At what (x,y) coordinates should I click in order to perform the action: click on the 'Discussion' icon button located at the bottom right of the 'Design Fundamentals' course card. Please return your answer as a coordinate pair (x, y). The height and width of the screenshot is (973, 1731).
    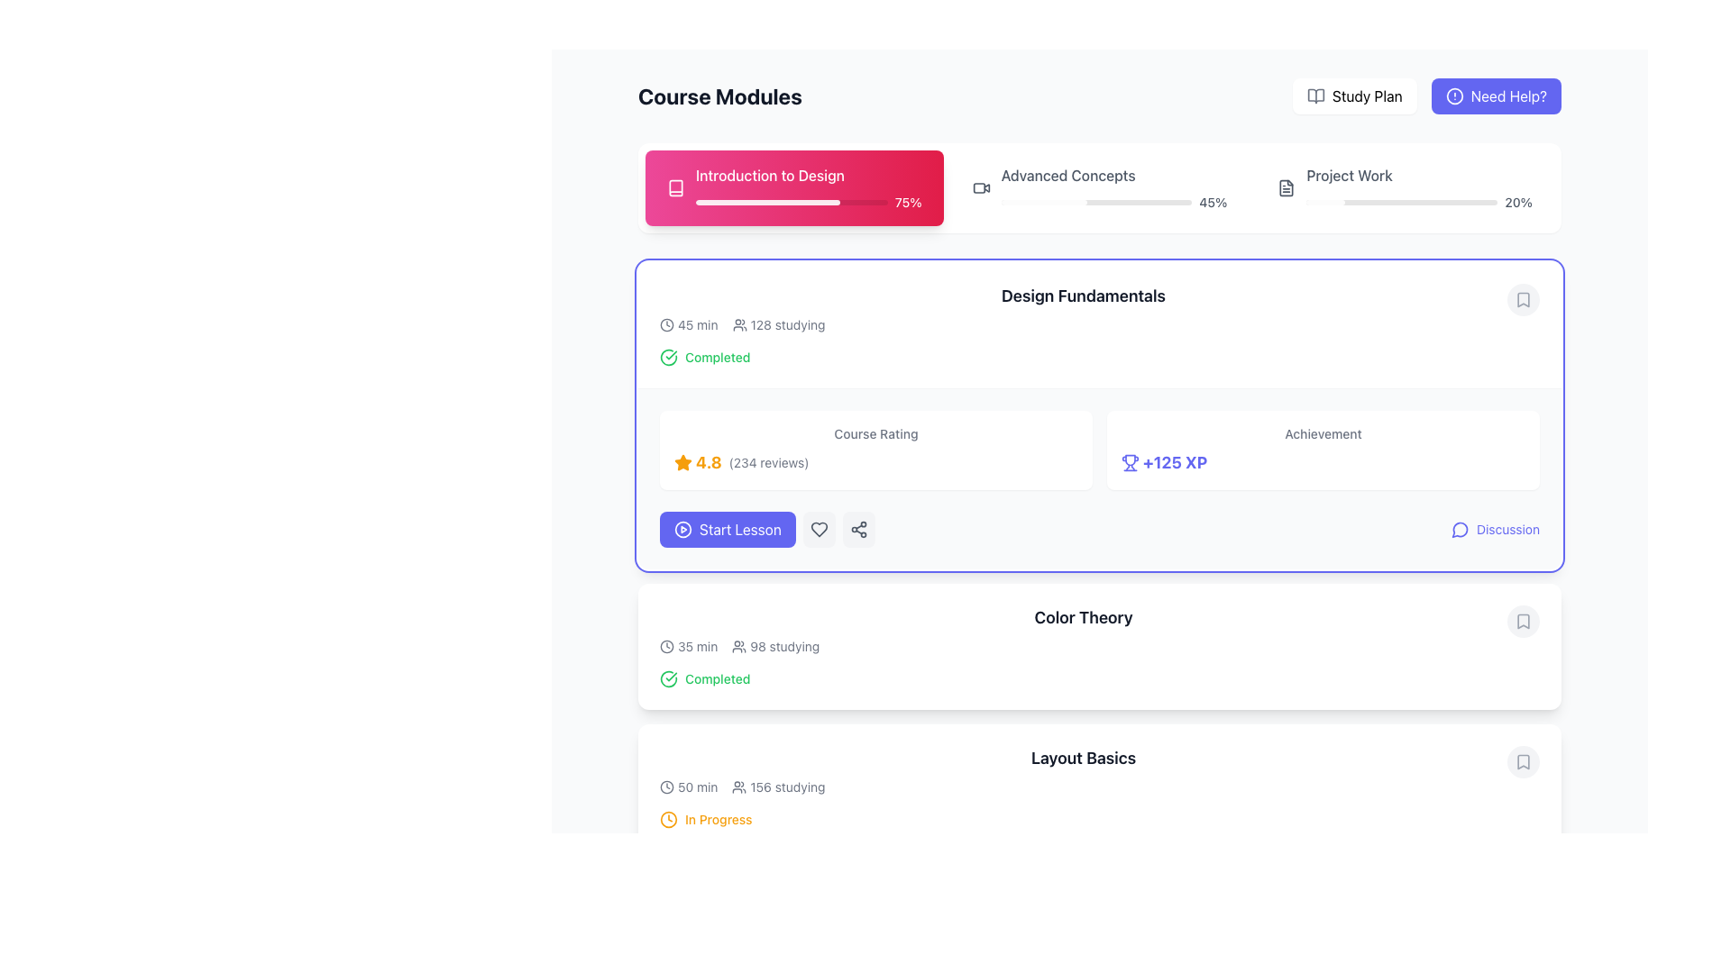
    Looking at the image, I should click on (1460, 529).